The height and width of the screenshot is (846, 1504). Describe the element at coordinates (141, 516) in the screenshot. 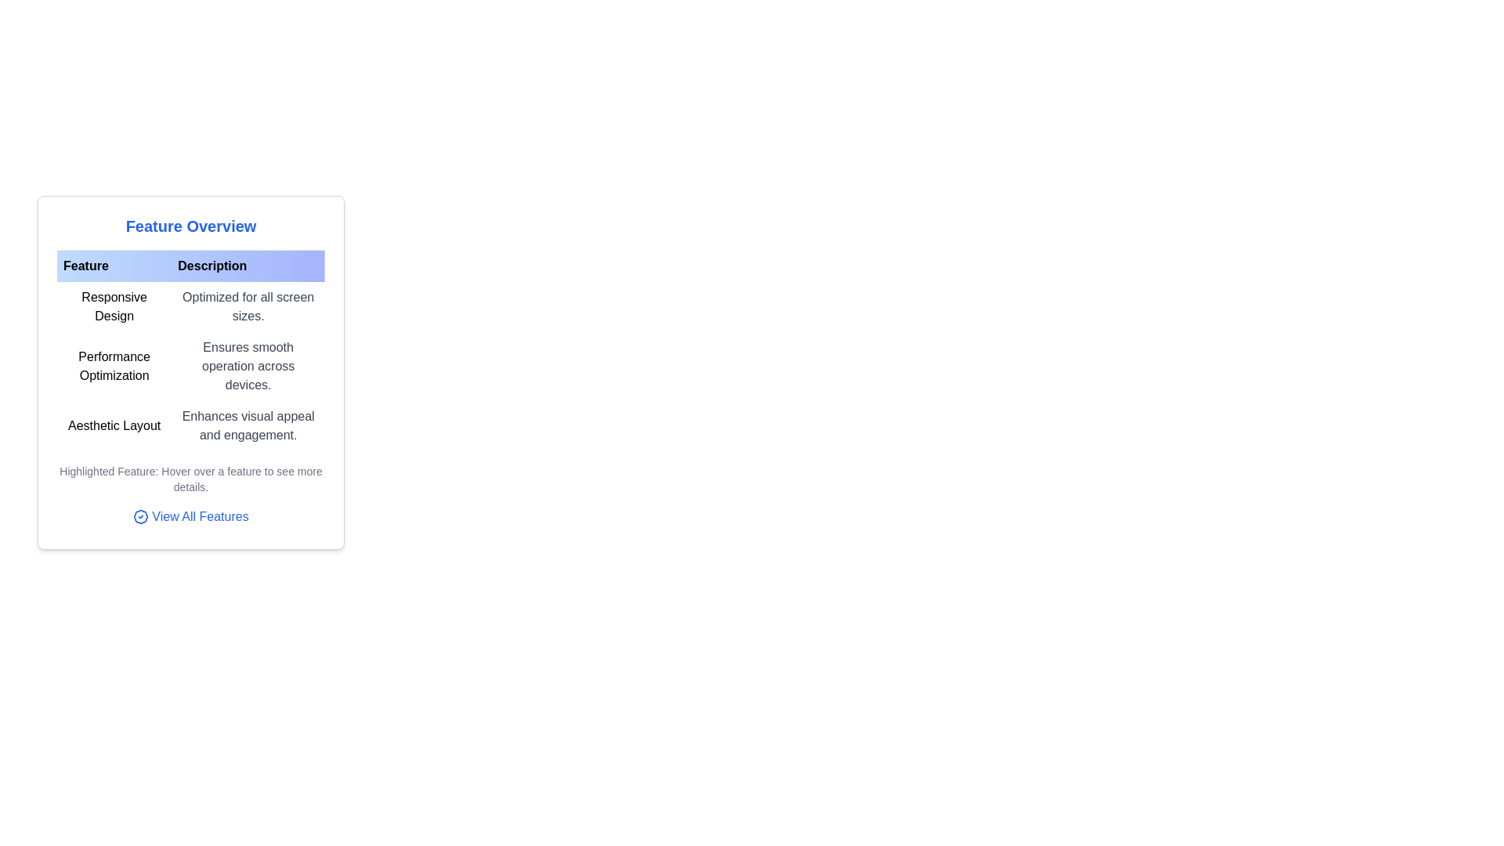

I see `the icon that emphasizes the linked text 'View All Features', located to the left of the text in the bottom section of the feature information card` at that location.